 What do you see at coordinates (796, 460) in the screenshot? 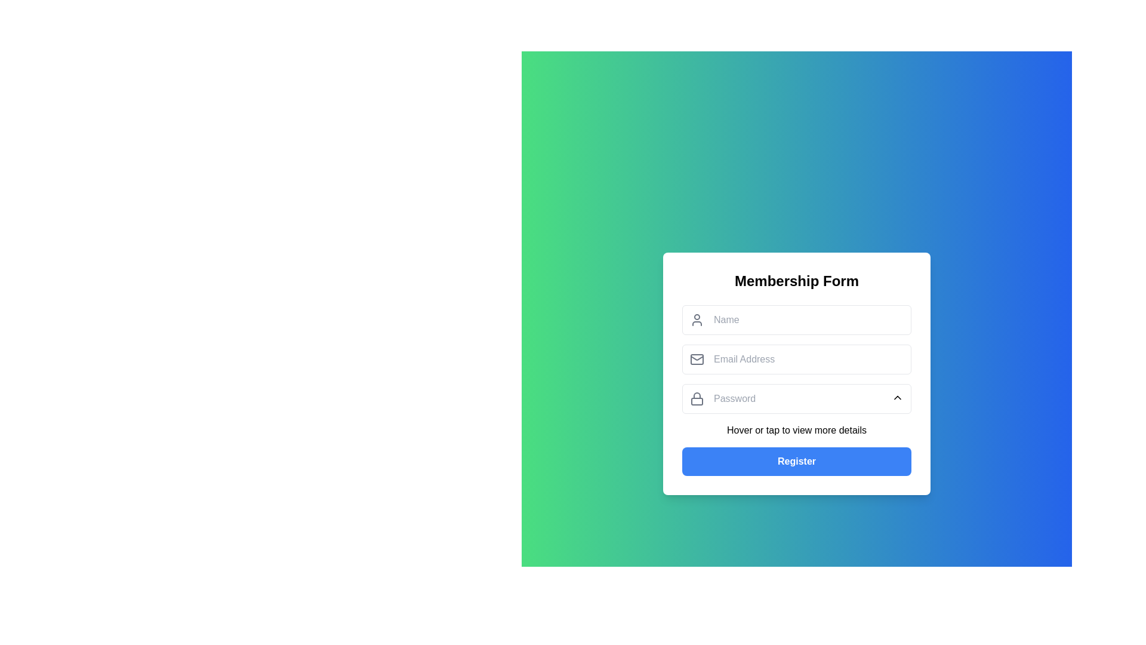
I see `the registration button located at the bottom of the form` at bounding box center [796, 460].